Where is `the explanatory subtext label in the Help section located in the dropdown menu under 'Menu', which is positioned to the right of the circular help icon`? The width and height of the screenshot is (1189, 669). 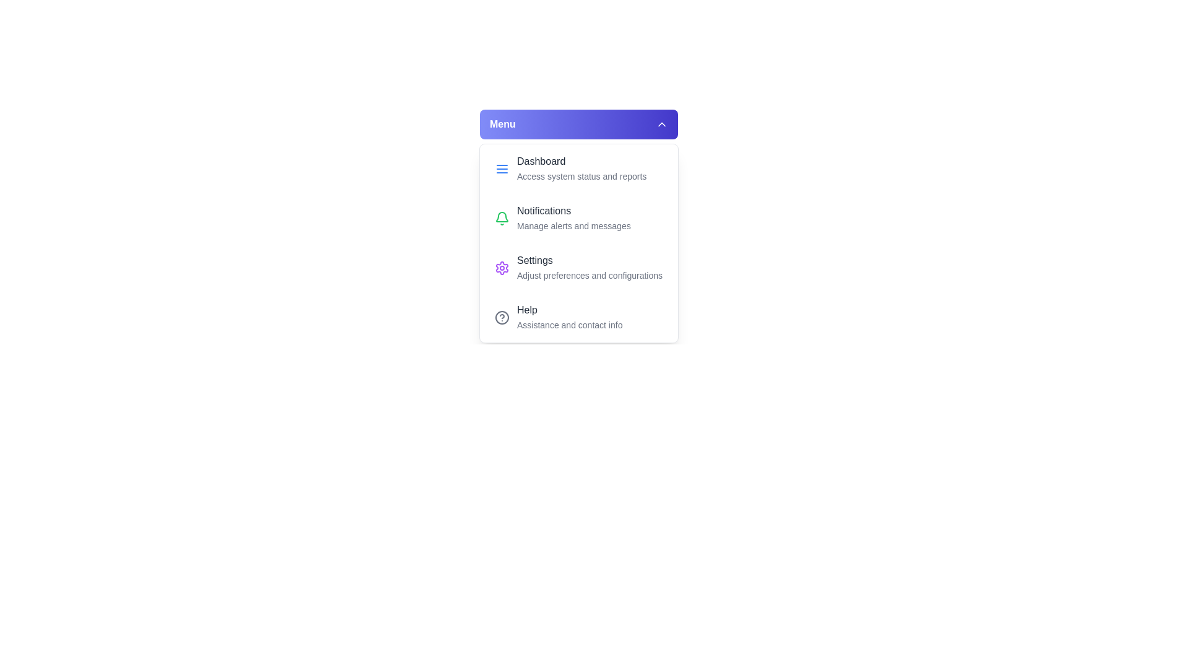
the explanatory subtext label in the Help section located in the dropdown menu under 'Menu', which is positioned to the right of the circular help icon is located at coordinates (569, 317).